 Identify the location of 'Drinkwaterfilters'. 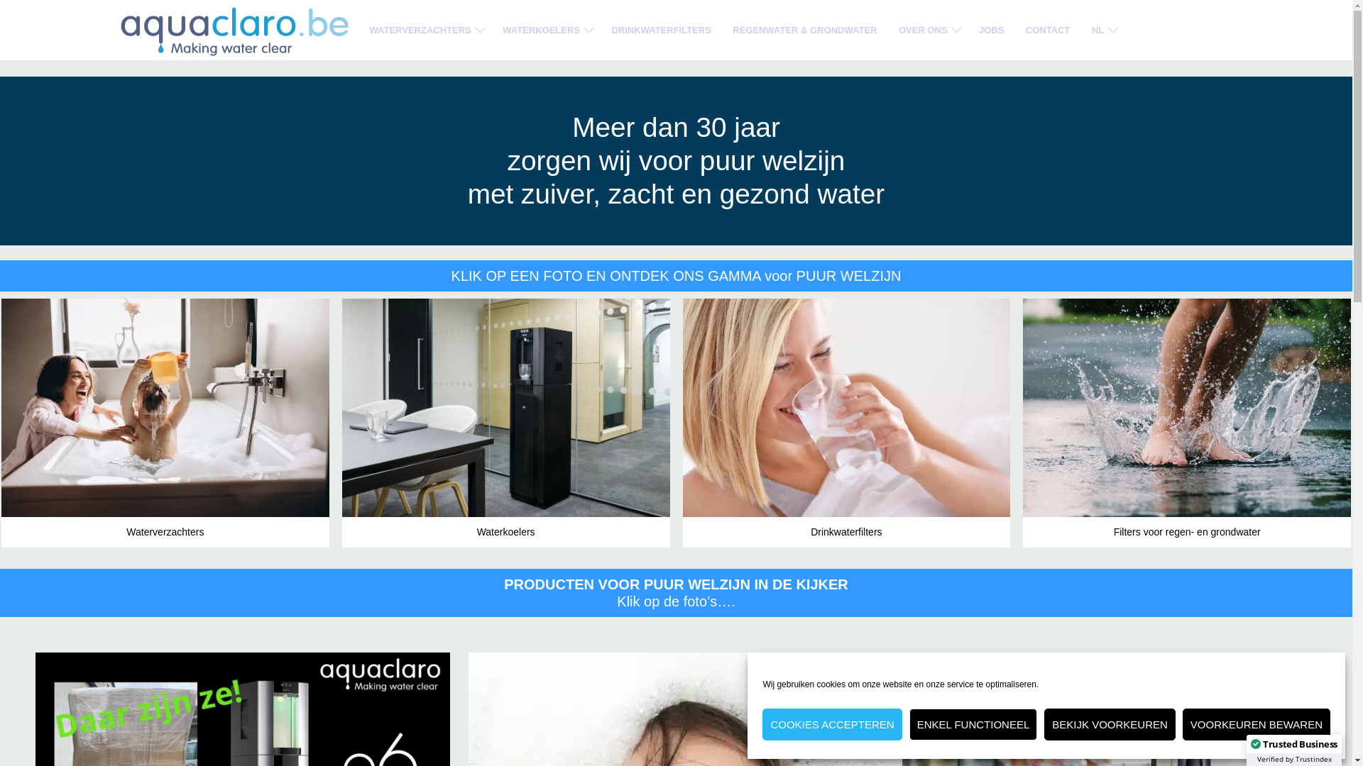
(847, 422).